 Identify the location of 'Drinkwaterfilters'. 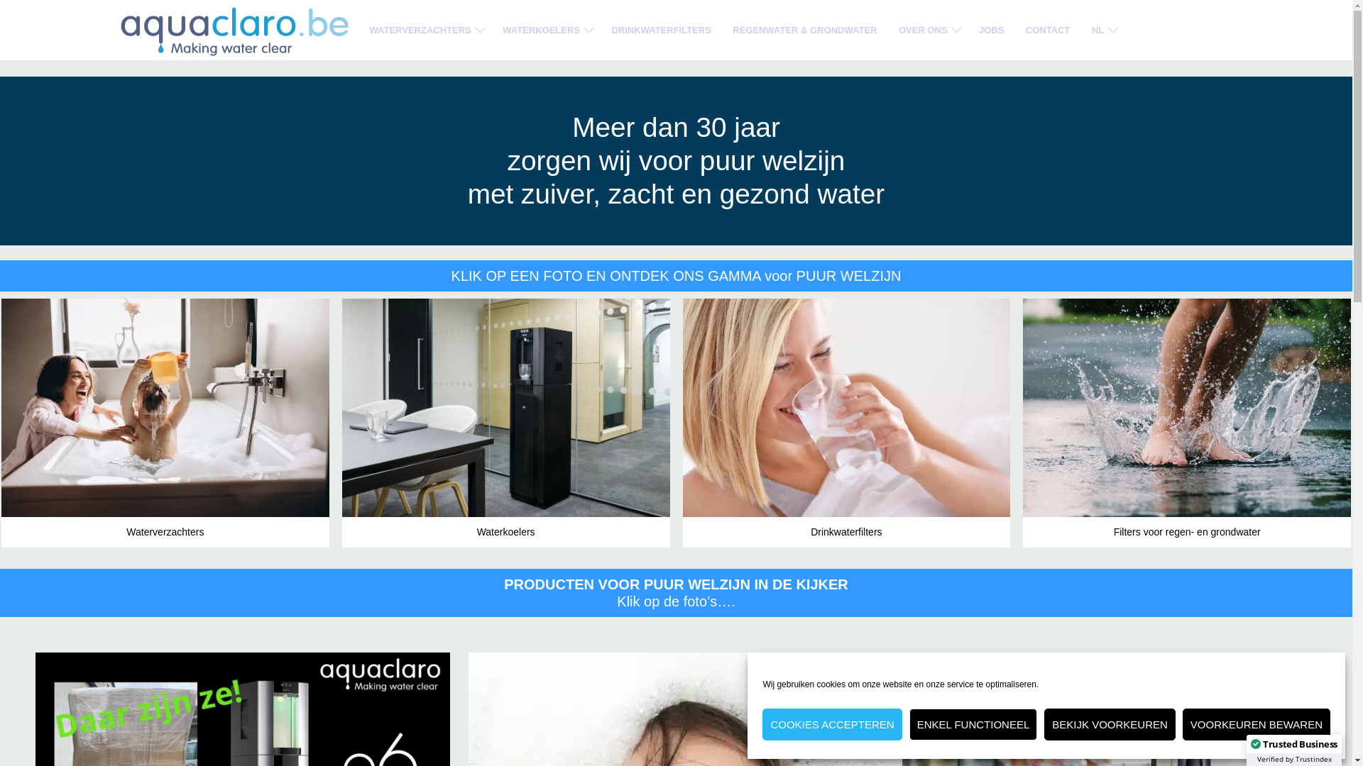
(847, 422).